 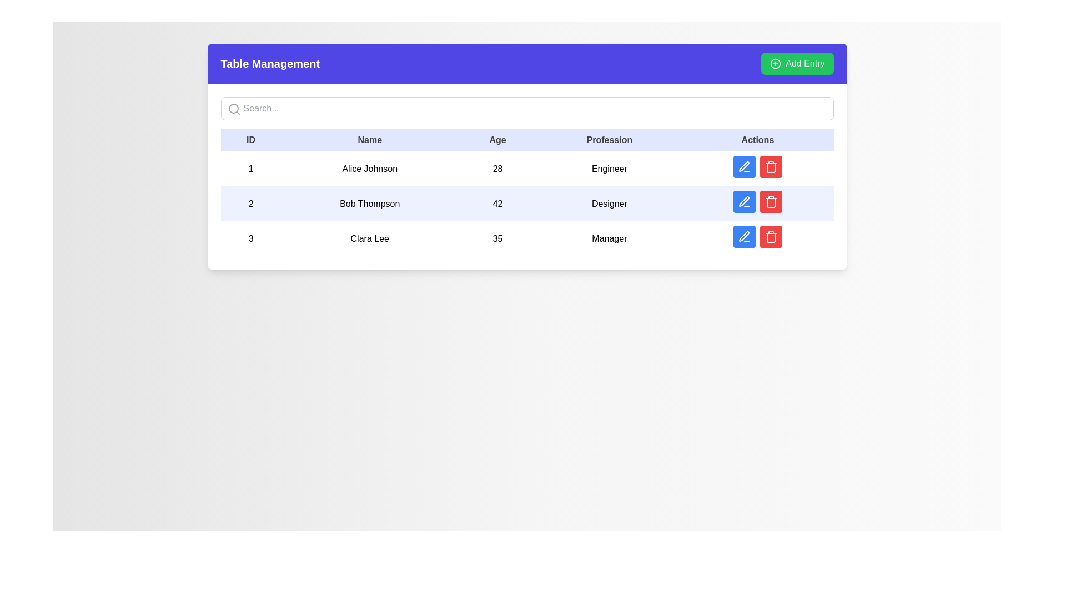 What do you see at coordinates (233, 109) in the screenshot?
I see `the small circular UI component located within the magnifying glass graphic representing the search icon in the toolbar of the Table Management interface` at bounding box center [233, 109].